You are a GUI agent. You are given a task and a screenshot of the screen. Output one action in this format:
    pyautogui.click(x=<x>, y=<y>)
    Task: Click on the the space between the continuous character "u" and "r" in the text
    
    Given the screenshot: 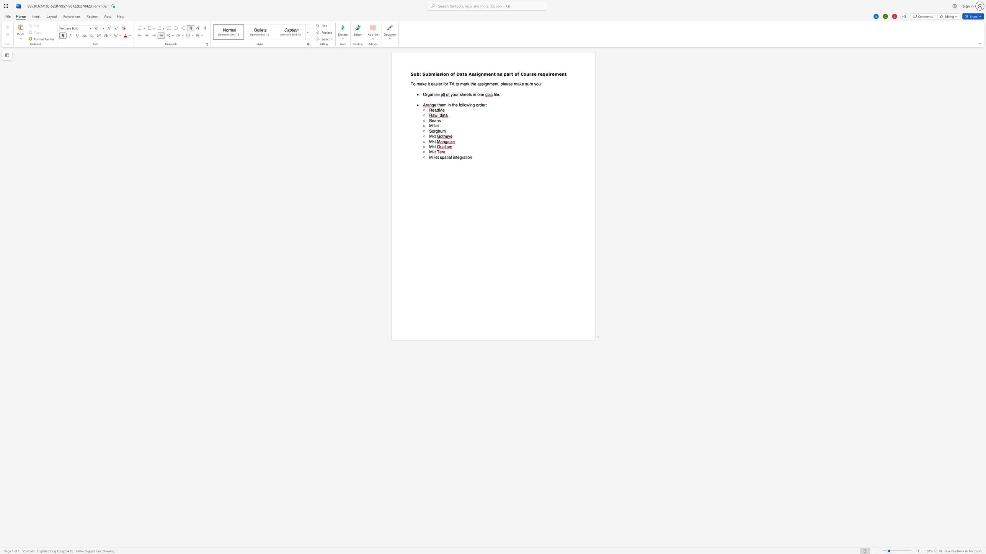 What is the action you would take?
    pyautogui.click(x=529, y=73)
    